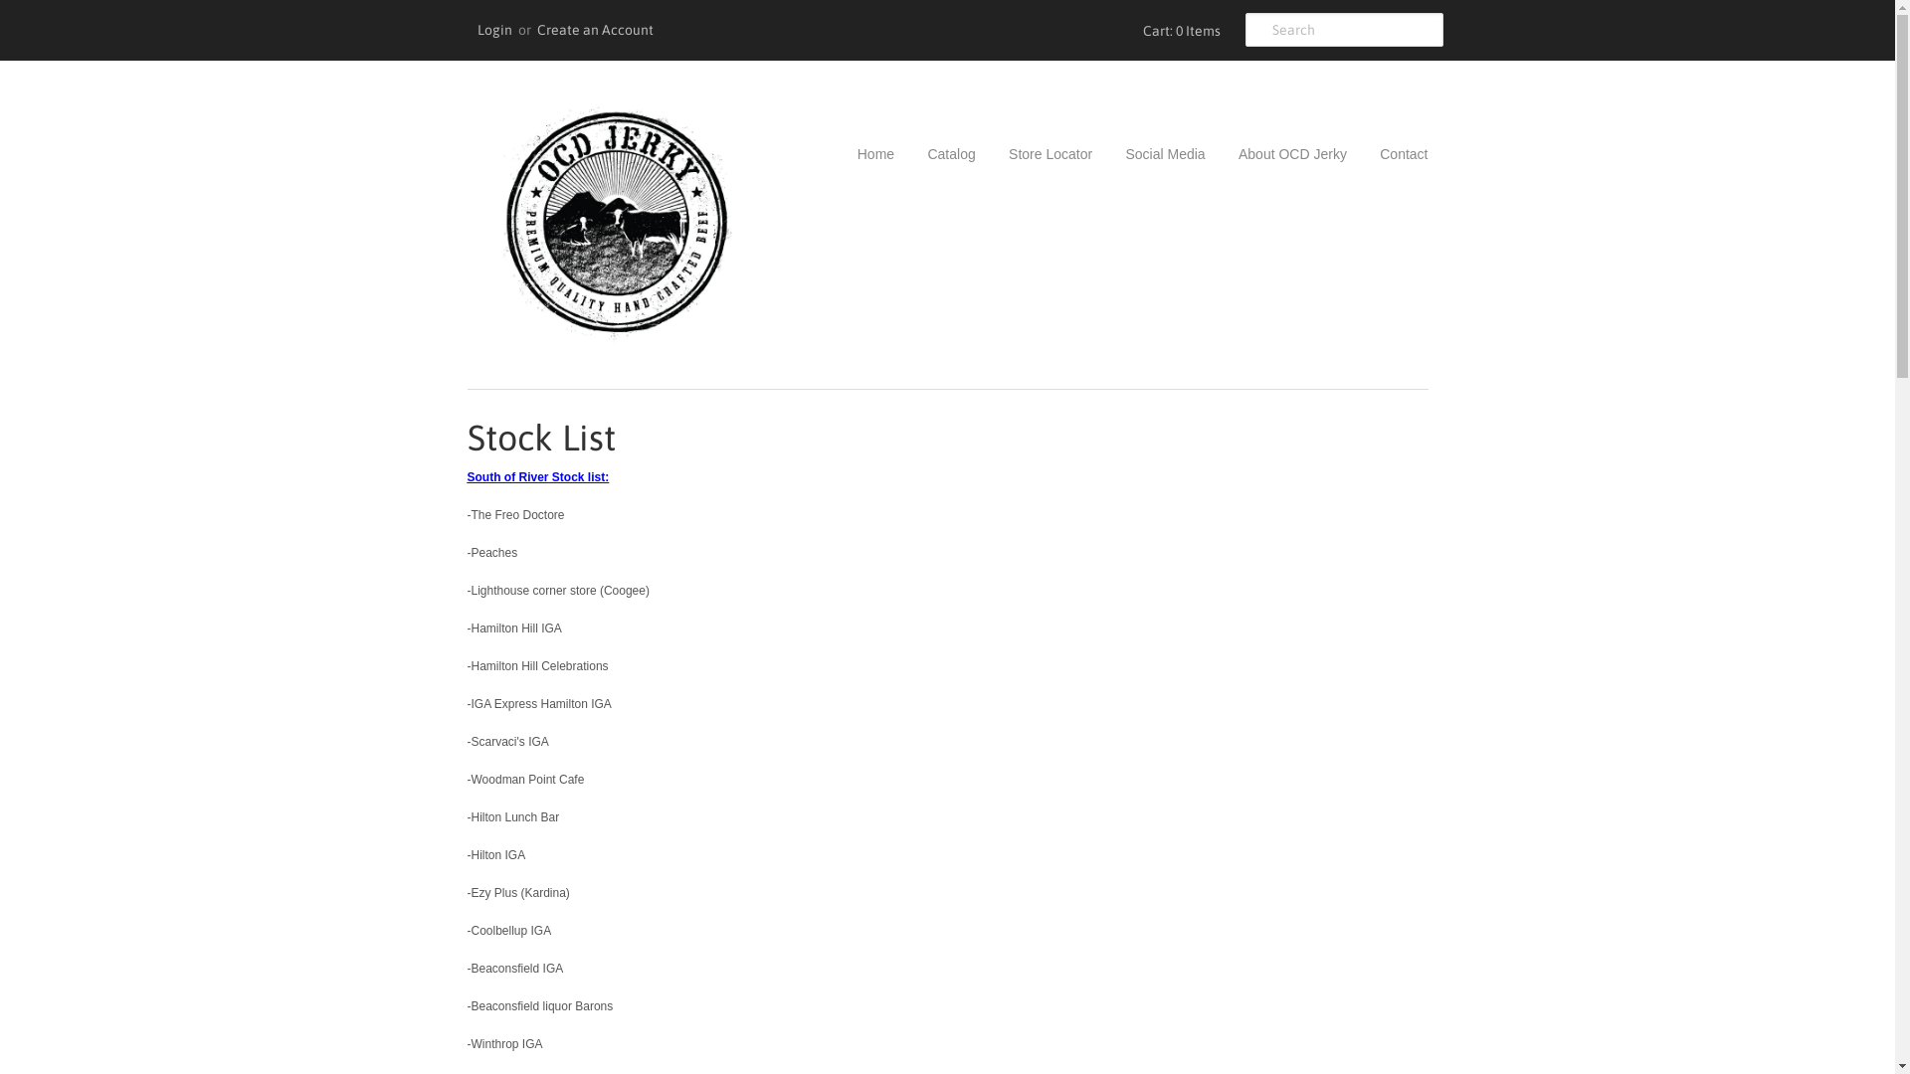 This screenshot has height=1074, width=1910. What do you see at coordinates (594, 30) in the screenshot?
I see `'Create an Account'` at bounding box center [594, 30].